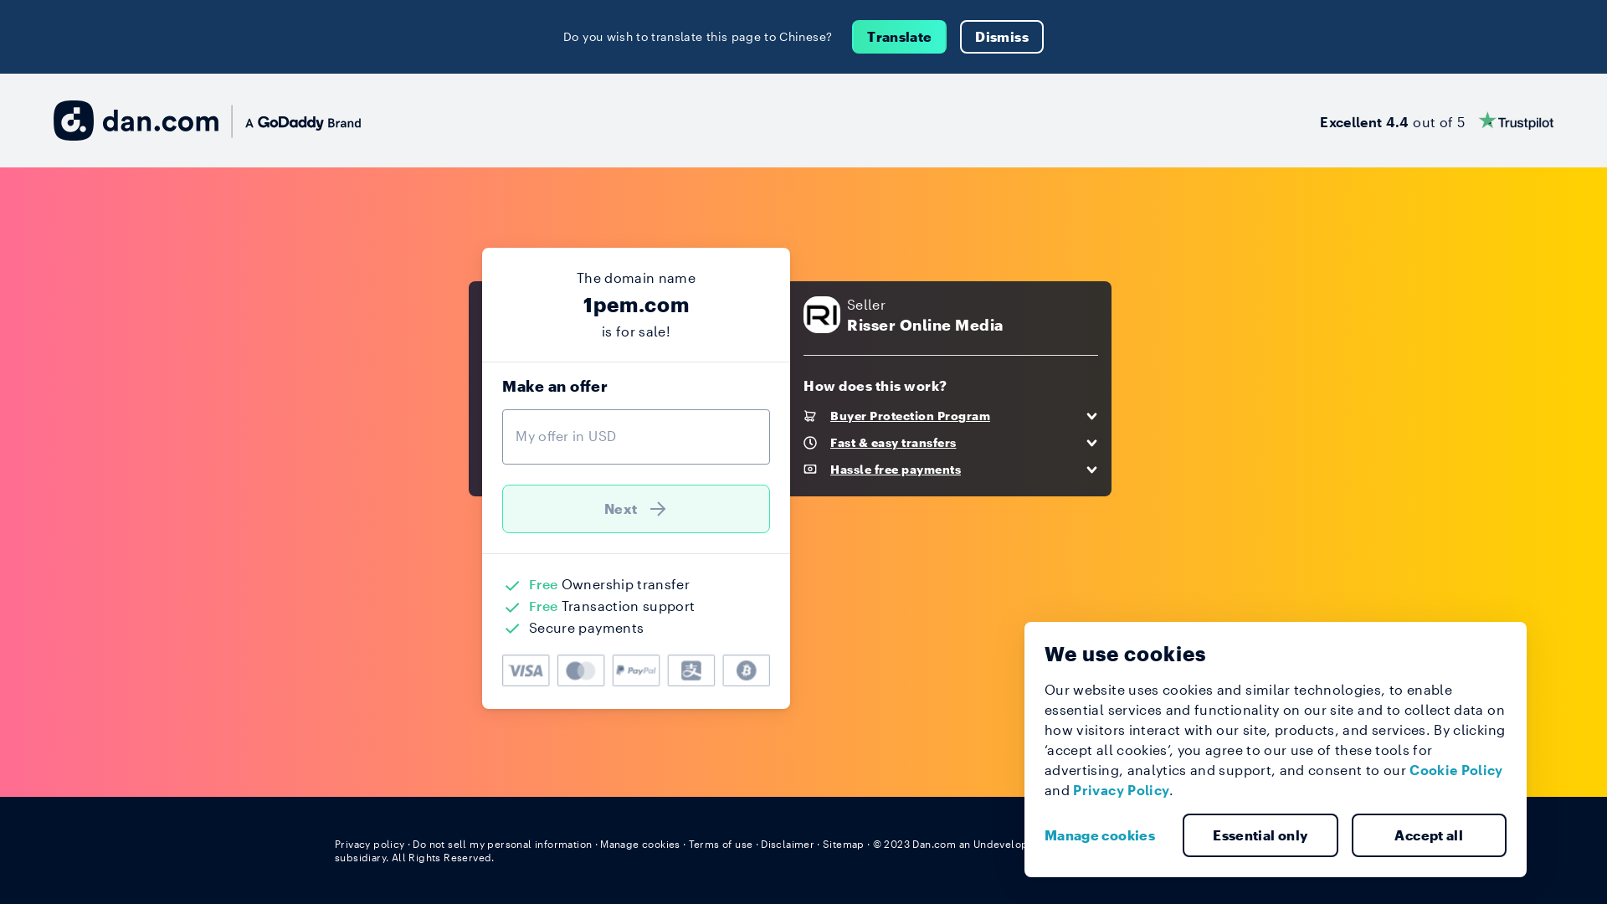  Describe the element at coordinates (759, 843) in the screenshot. I see `'Disclaimer'` at that location.